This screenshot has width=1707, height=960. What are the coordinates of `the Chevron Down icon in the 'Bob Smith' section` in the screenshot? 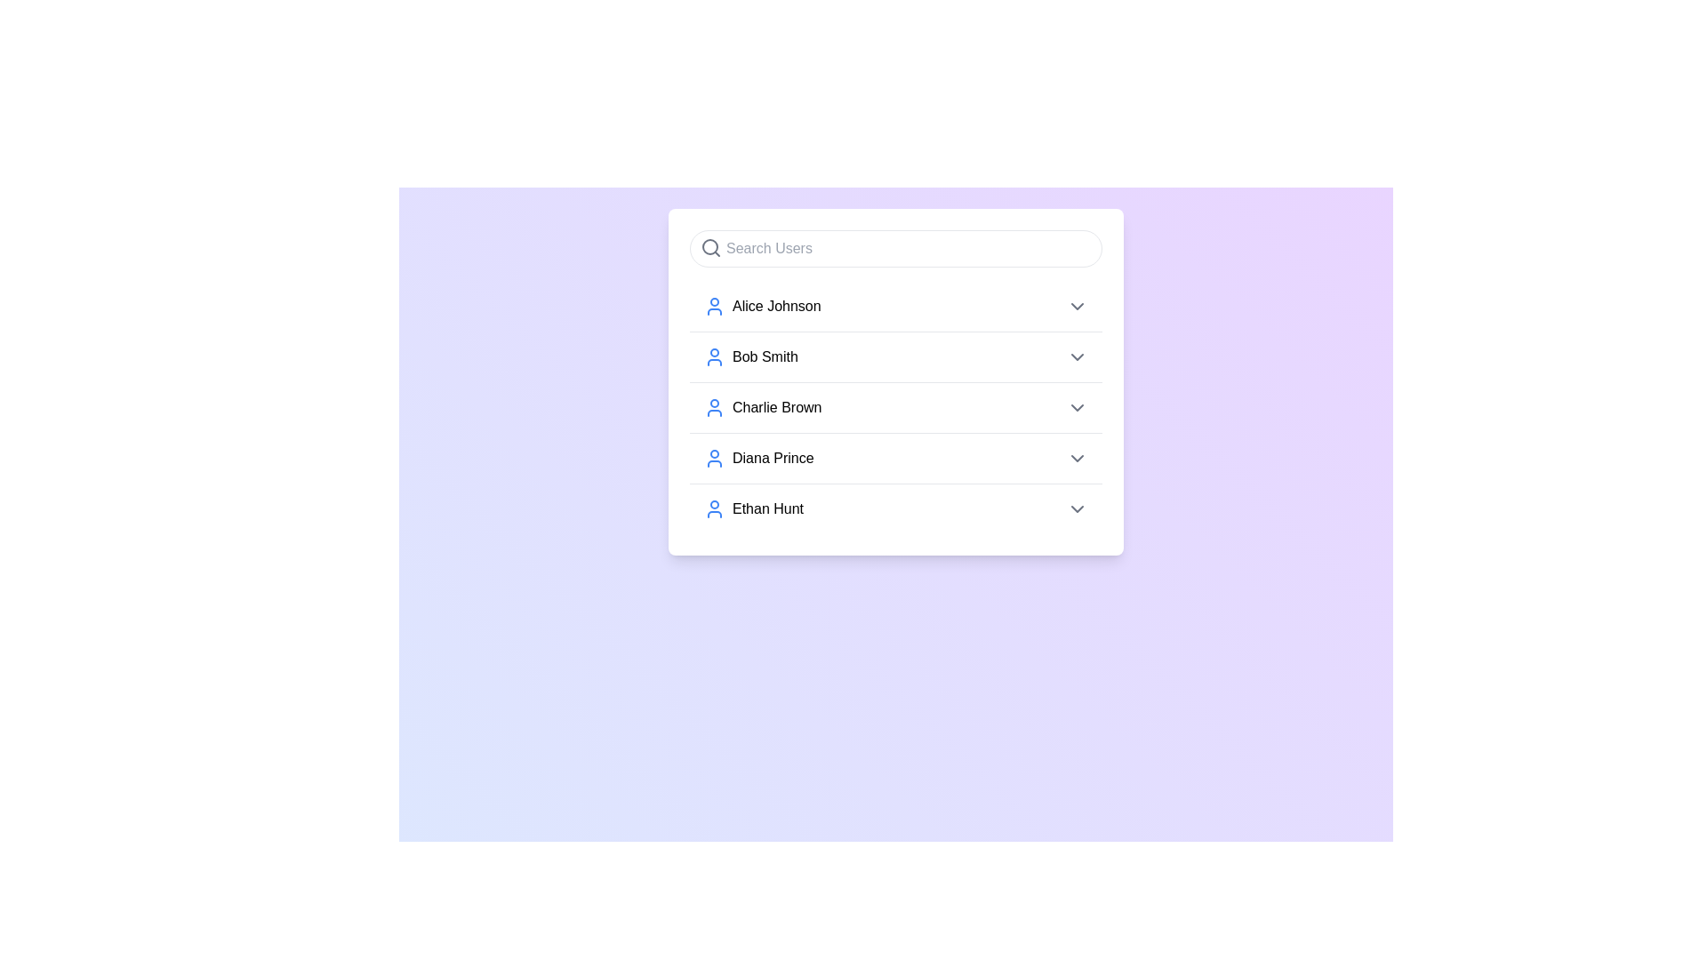 It's located at (1076, 356).